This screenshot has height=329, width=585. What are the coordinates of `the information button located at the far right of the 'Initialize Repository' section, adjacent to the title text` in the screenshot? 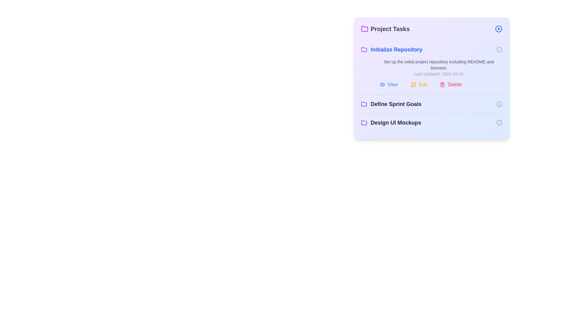 It's located at (499, 49).